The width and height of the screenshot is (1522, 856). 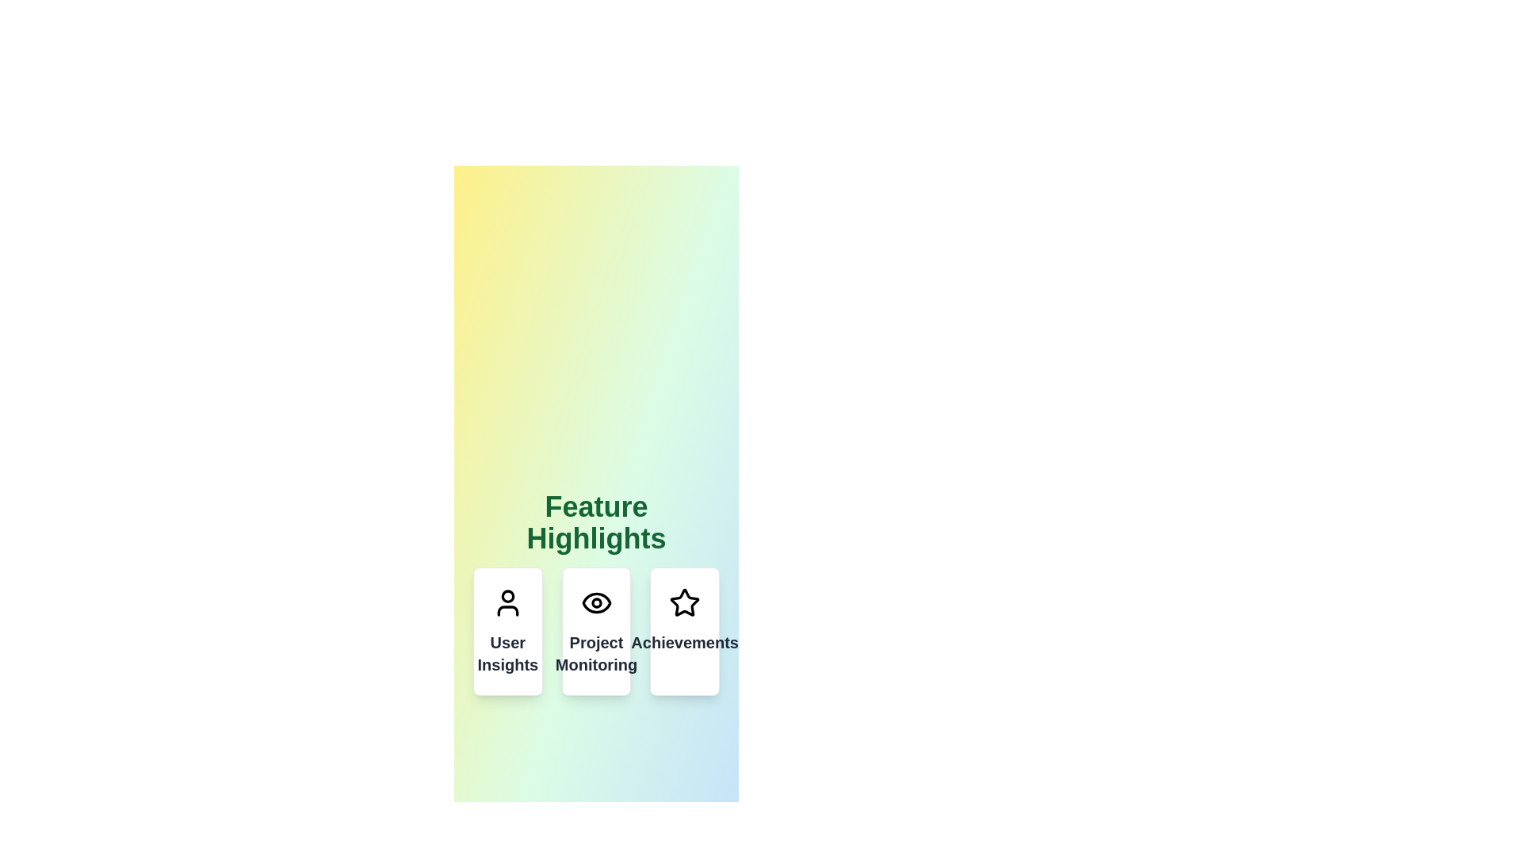 I want to click on the achievements icon, a 40x40px SVG located in the rightmost card under the 'Feature Highlights' heading, so click(x=685, y=602).